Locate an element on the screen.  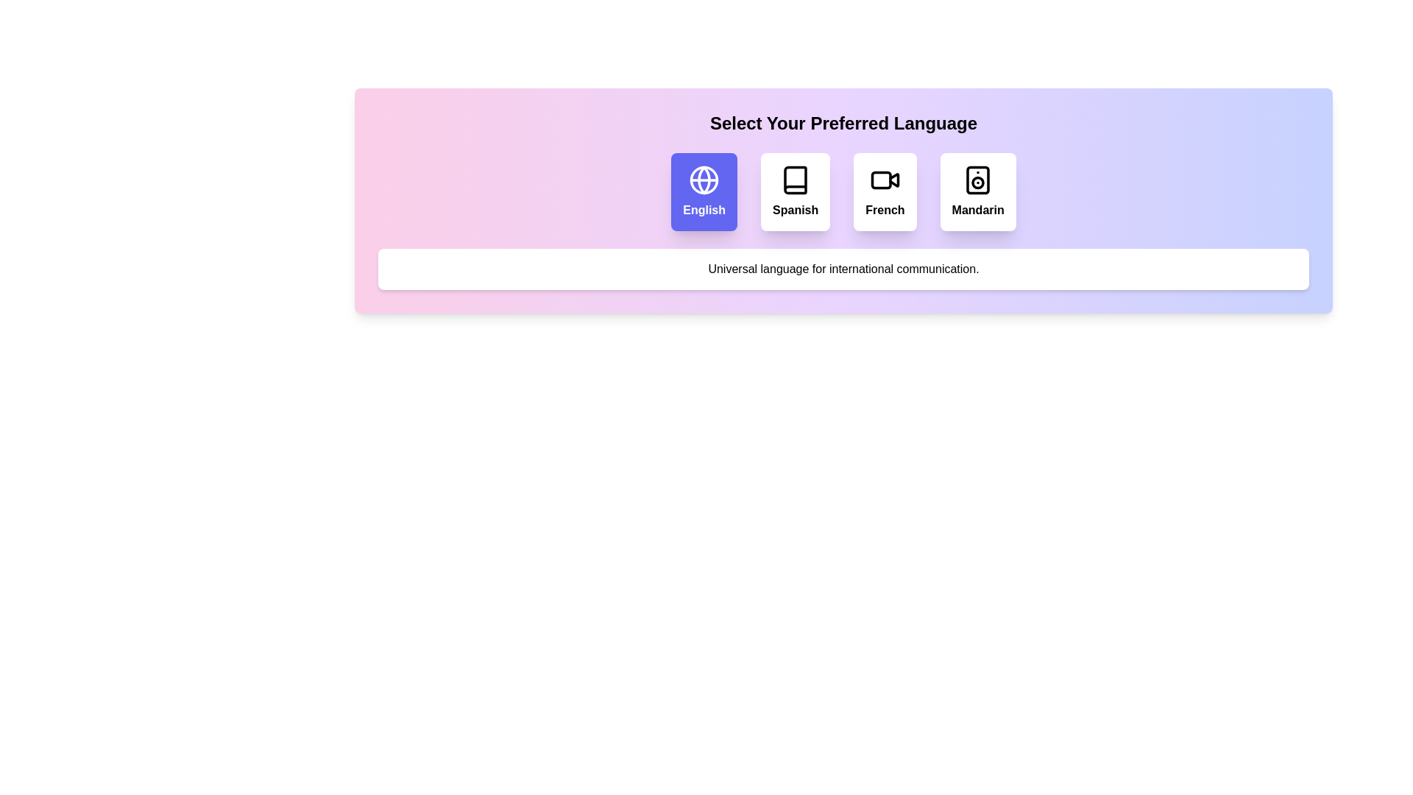
the language option Mandarin to observe the interaction feedback is located at coordinates (978, 191).